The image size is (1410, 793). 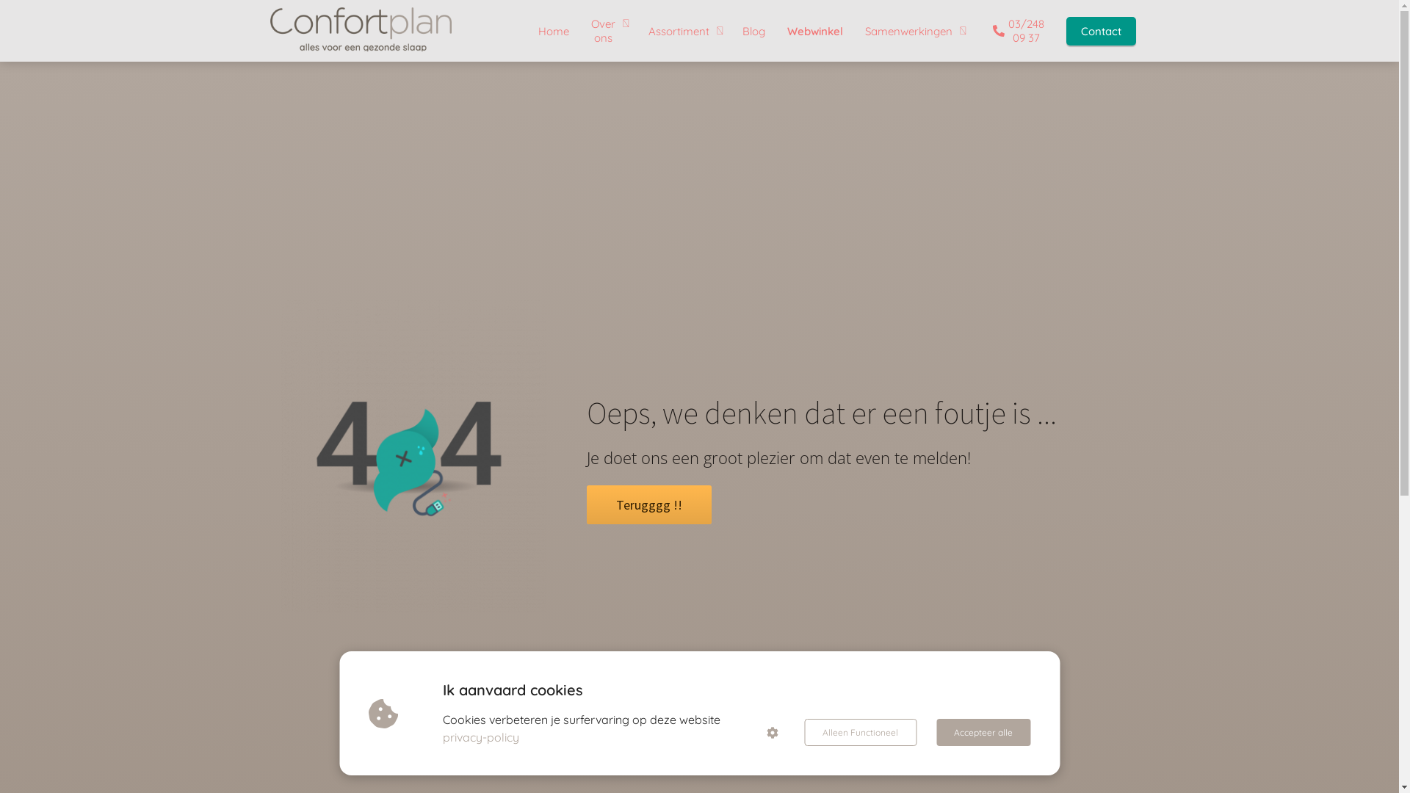 What do you see at coordinates (813, 31) in the screenshot?
I see `'Webwinkel'` at bounding box center [813, 31].